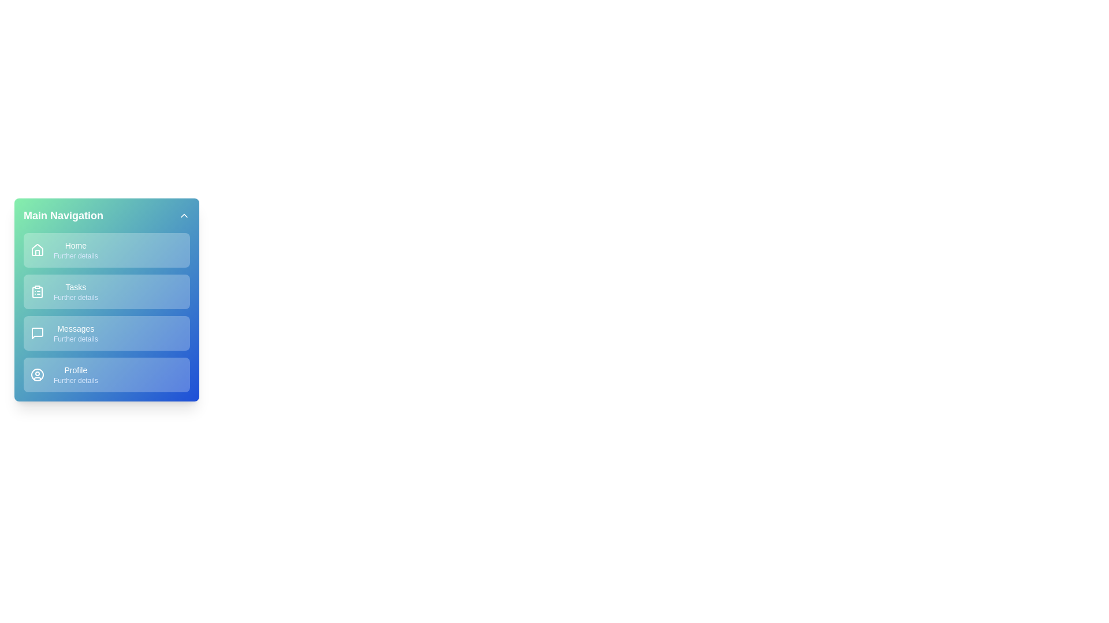  I want to click on the menu item Messages by clicking on it, so click(107, 333).